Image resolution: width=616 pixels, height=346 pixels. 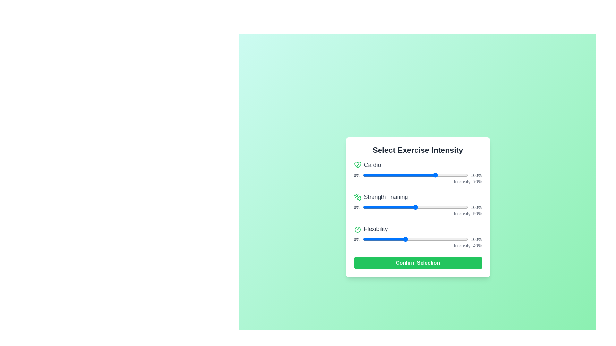 What do you see at coordinates (443, 207) in the screenshot?
I see `the 1 slider to 53%` at bounding box center [443, 207].